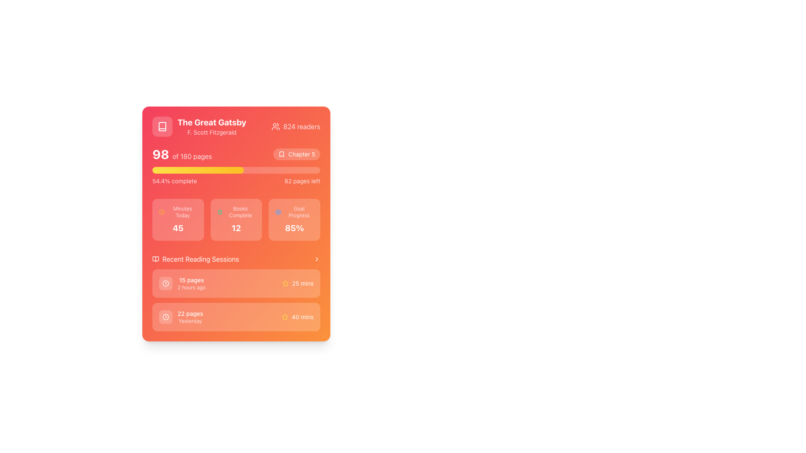 This screenshot has height=453, width=806. What do you see at coordinates (191, 280) in the screenshot?
I see `the Text label displaying the number of pages read (15) in the 'Recent Reading Sessions' section, located above the text '2 hours ago'` at bounding box center [191, 280].